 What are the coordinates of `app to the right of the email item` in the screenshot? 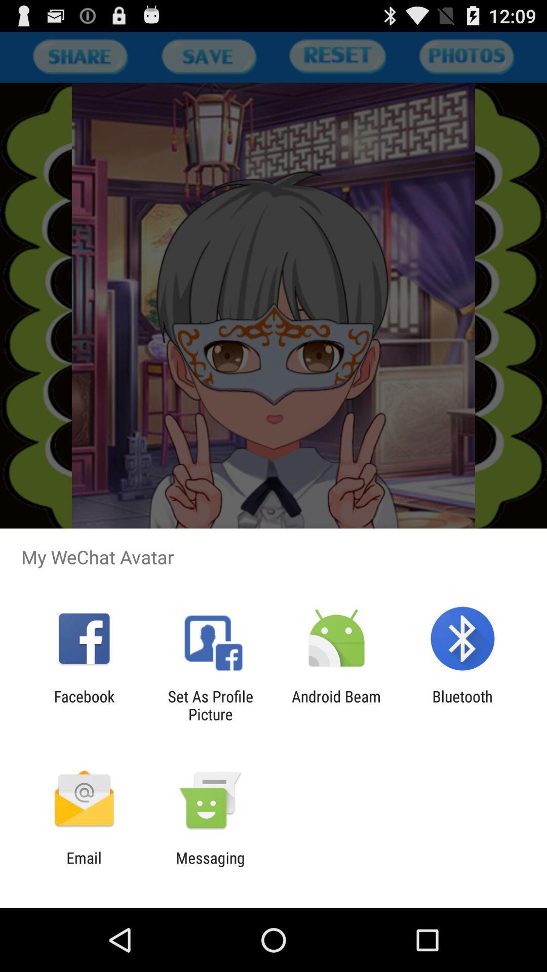 It's located at (210, 866).